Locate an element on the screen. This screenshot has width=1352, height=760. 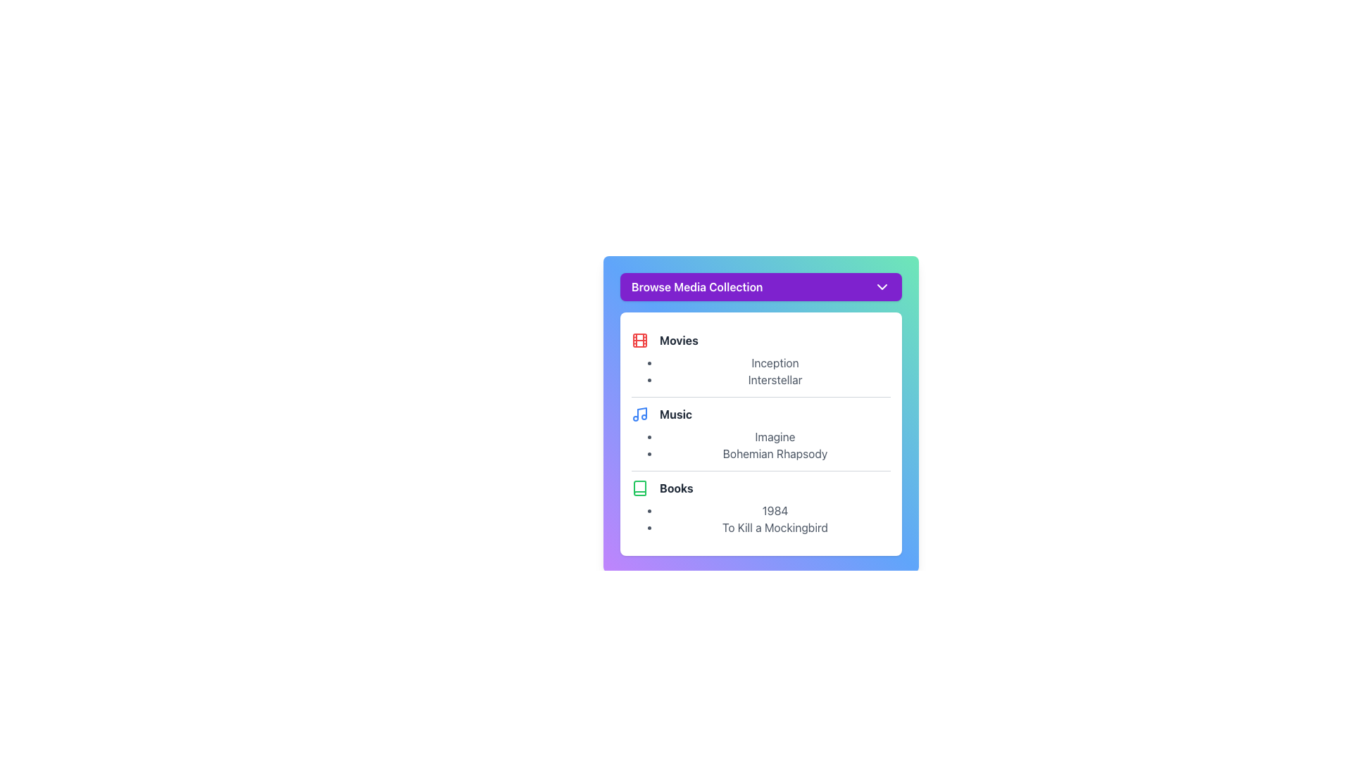
the non-interactive text label displaying 'Imagine', which is the first item in the 'Music' section of the categorized list is located at coordinates (774, 436).